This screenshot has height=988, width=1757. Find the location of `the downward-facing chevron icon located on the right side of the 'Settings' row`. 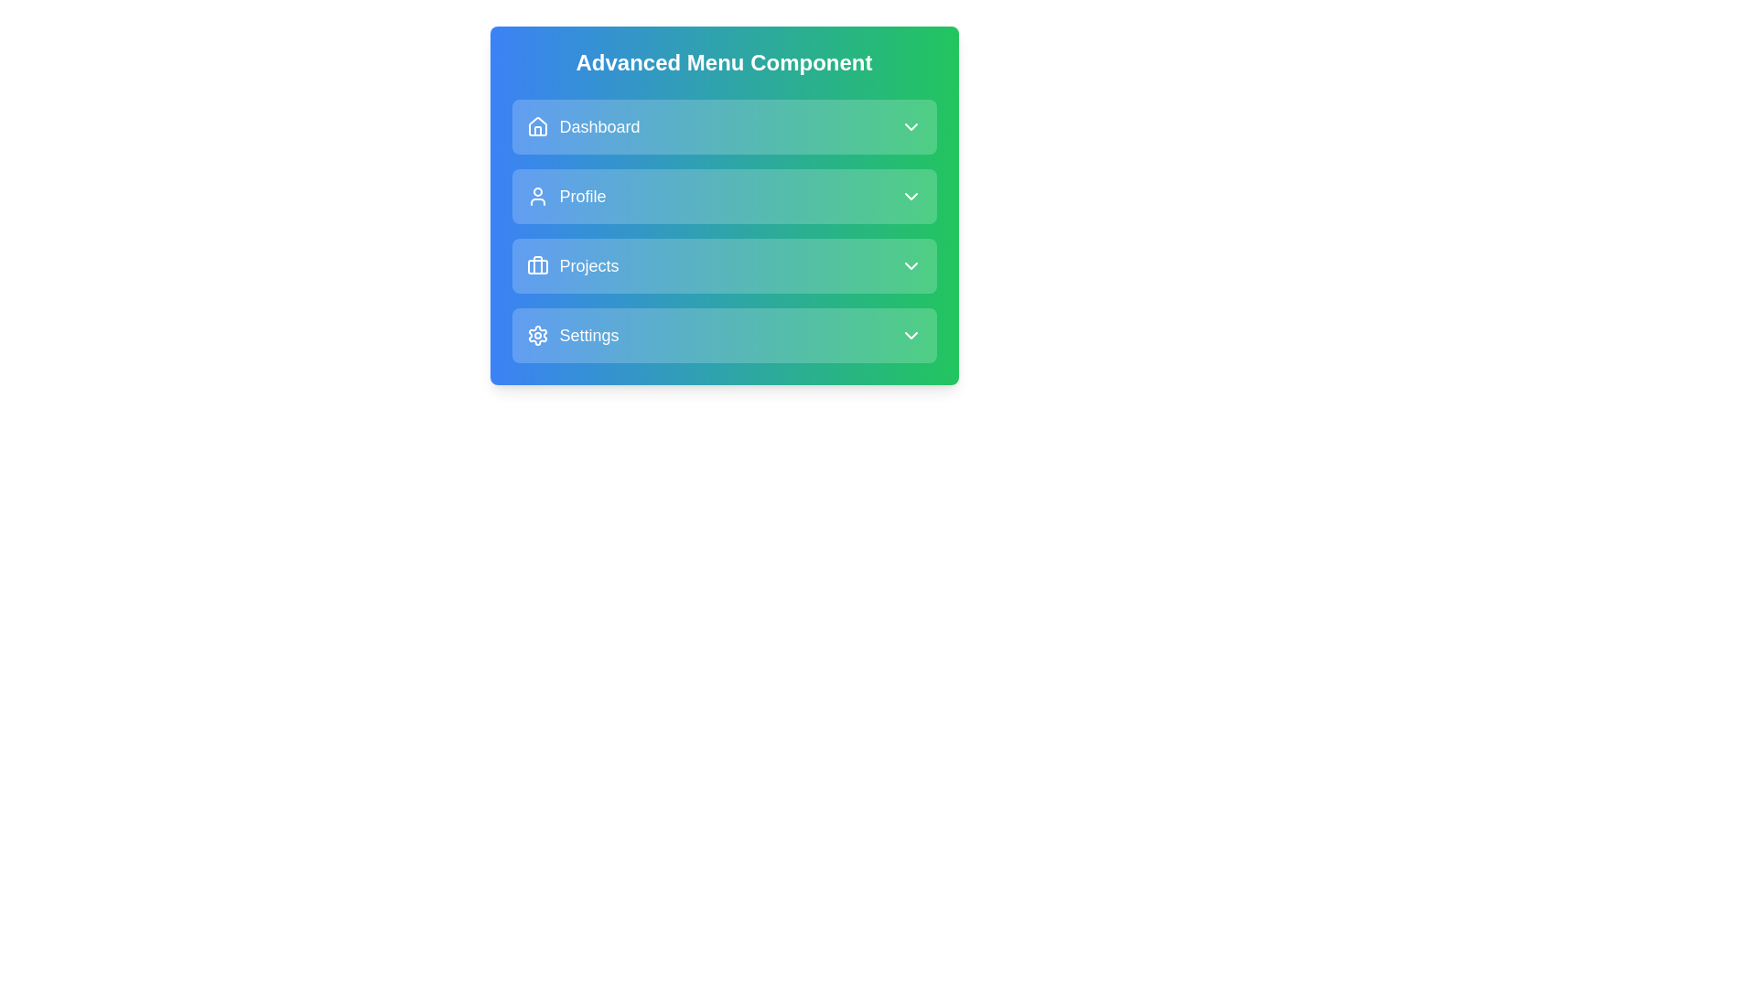

the downward-facing chevron icon located on the right side of the 'Settings' row is located at coordinates (911, 335).